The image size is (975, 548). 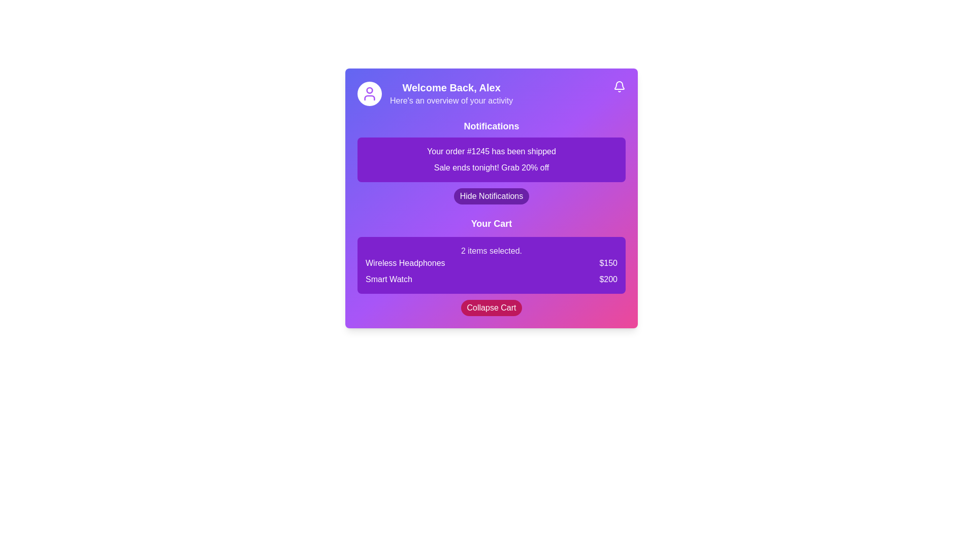 I want to click on the price label indicating the cost of the 'Wireless Headphones' in the 'Your Cart' section, so click(x=608, y=263).